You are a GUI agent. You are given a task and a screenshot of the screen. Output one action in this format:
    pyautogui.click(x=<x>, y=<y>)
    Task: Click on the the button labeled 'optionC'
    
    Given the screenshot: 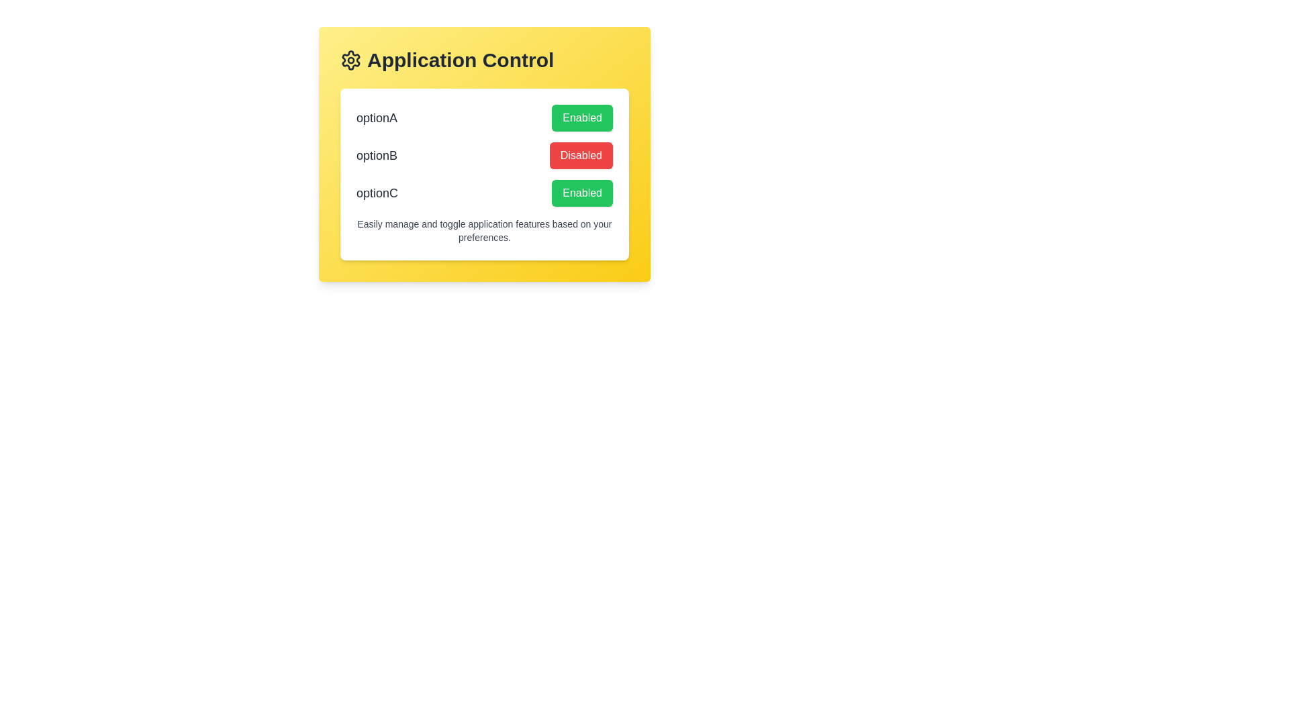 What is the action you would take?
    pyautogui.click(x=582, y=193)
    